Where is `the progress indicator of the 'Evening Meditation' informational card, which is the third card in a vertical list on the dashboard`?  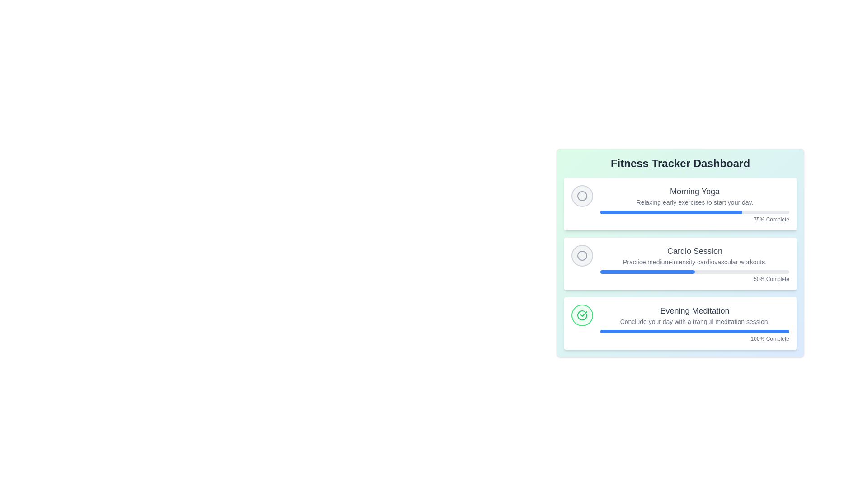 the progress indicator of the 'Evening Meditation' informational card, which is the third card in a vertical list on the dashboard is located at coordinates (694, 323).